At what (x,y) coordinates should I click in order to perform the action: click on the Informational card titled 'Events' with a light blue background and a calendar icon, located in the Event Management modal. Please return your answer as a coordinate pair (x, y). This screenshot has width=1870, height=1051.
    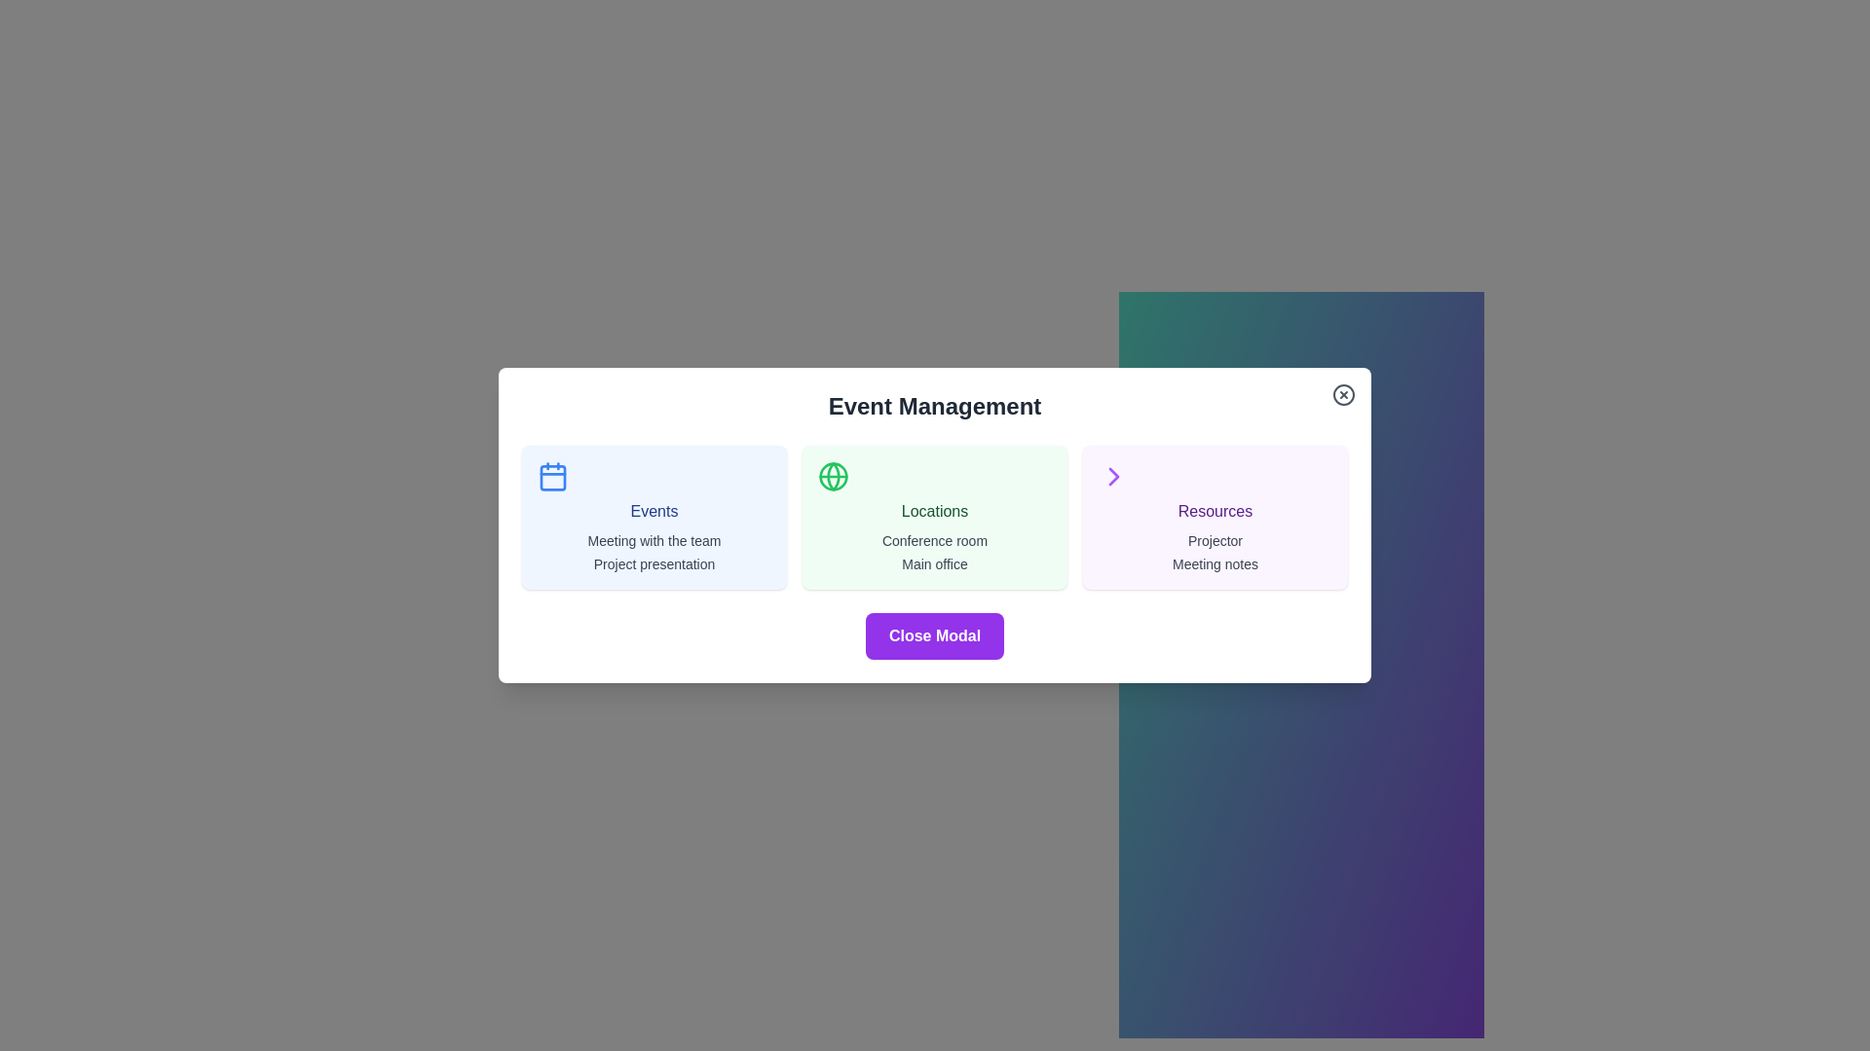
    Looking at the image, I should click on (654, 517).